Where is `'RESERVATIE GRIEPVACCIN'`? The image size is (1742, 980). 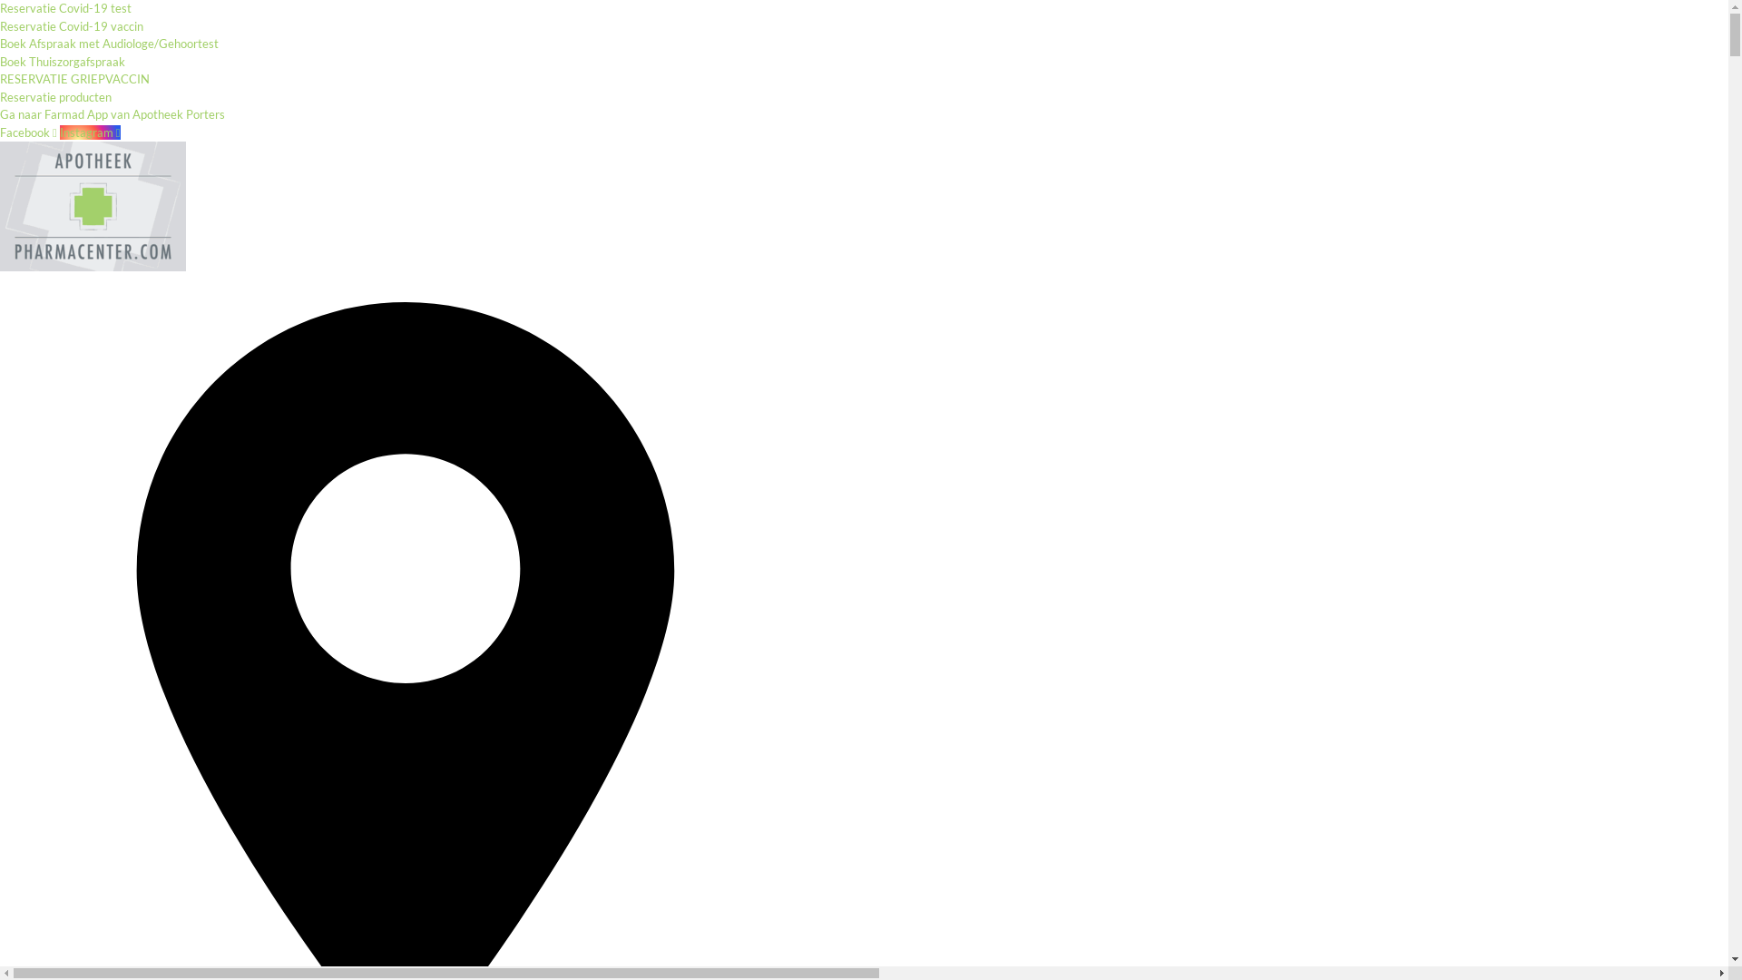
'RESERVATIE GRIEPVACCIN' is located at coordinates (73, 78).